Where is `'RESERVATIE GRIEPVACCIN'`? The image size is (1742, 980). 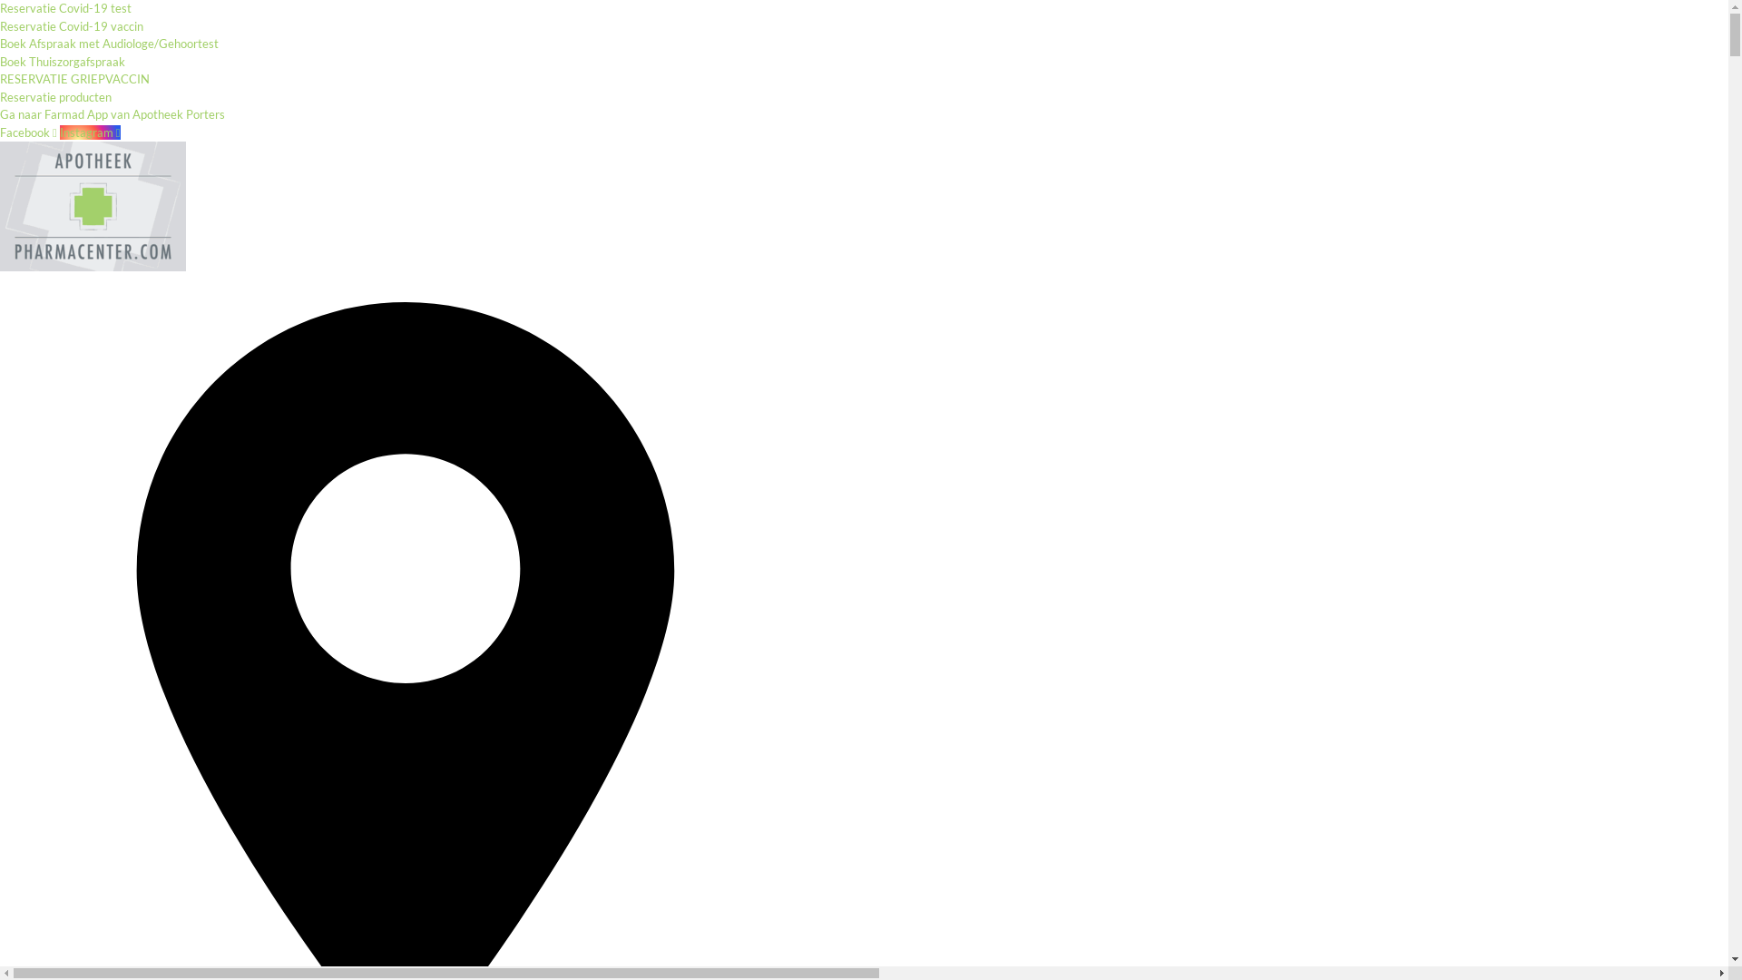
'RESERVATIE GRIEPVACCIN' is located at coordinates (73, 78).